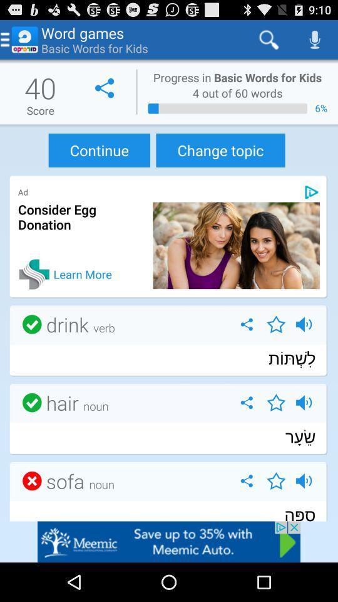 This screenshot has height=602, width=338. Describe the element at coordinates (169, 541) in the screenshot. I see `pop up advertisement` at that location.